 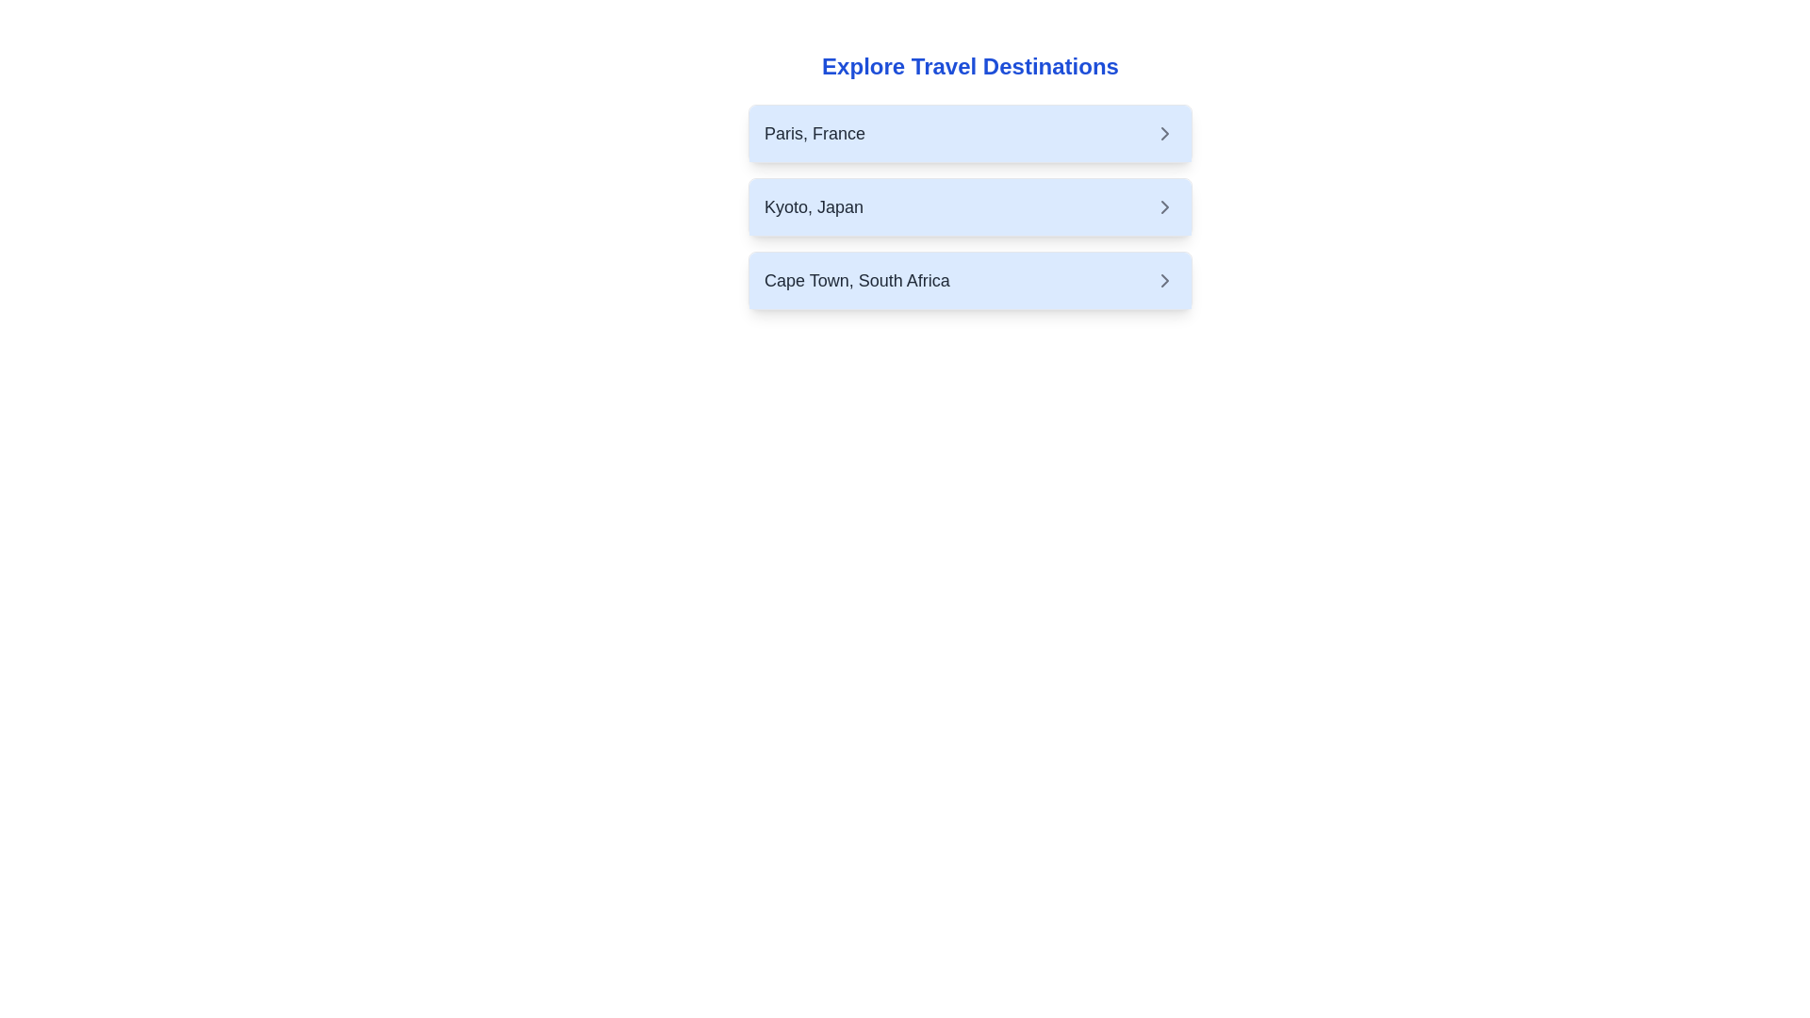 What do you see at coordinates (1164, 280) in the screenshot?
I see `the right-facing chevron icon located on the right side of the 'Cape Town, South Africa' list item` at bounding box center [1164, 280].